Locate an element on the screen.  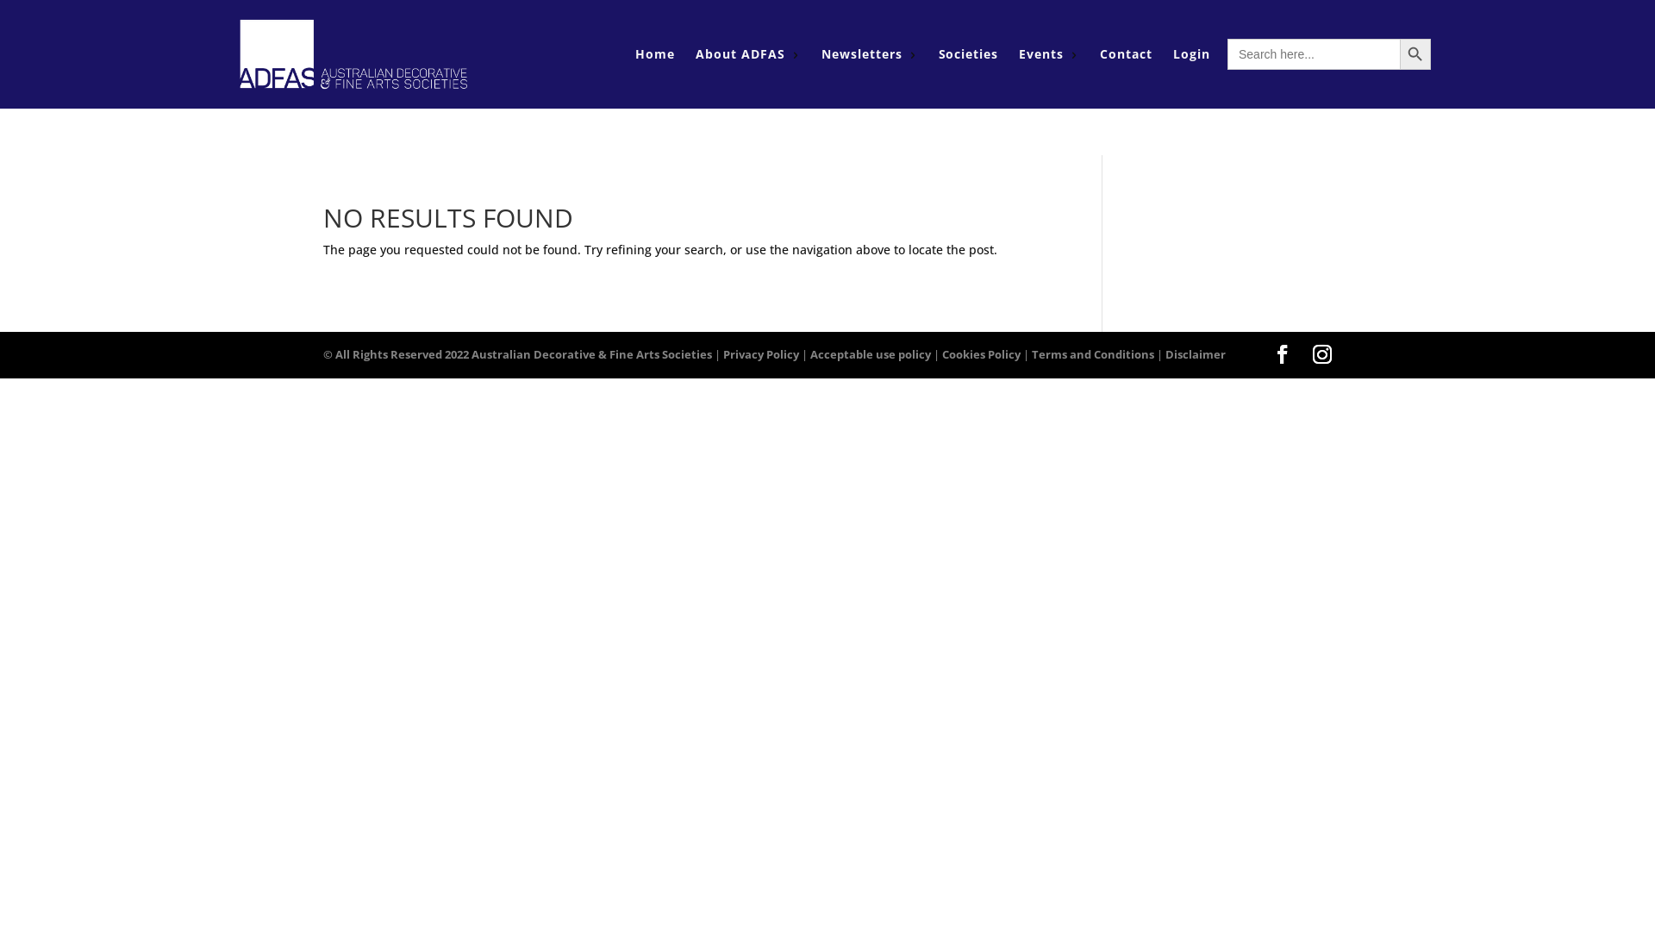
'About ADFAS' is located at coordinates (740, 53).